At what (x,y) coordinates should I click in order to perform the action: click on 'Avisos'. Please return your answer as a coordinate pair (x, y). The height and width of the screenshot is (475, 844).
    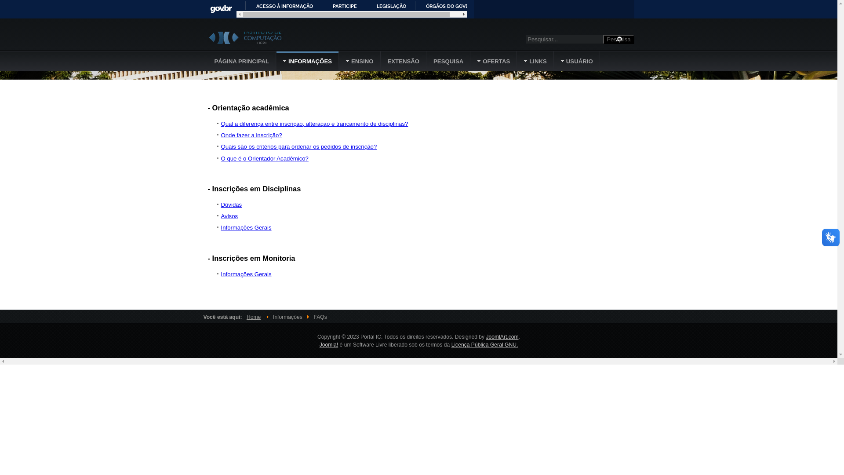
    Looking at the image, I should click on (229, 216).